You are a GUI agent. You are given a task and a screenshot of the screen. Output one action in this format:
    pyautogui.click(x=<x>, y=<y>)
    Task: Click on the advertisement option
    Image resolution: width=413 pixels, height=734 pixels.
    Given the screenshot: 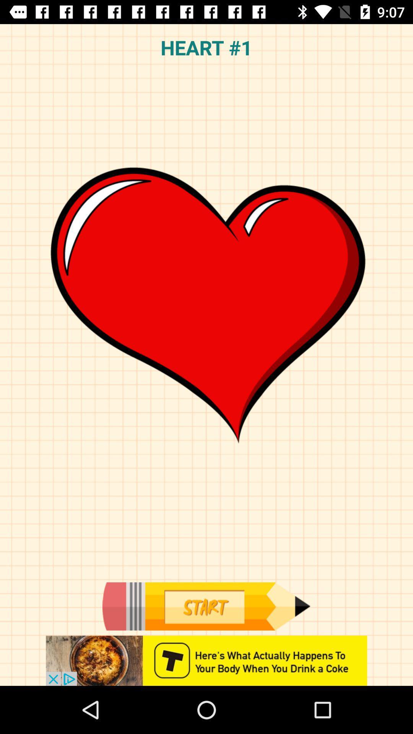 What is the action you would take?
    pyautogui.click(x=206, y=660)
    